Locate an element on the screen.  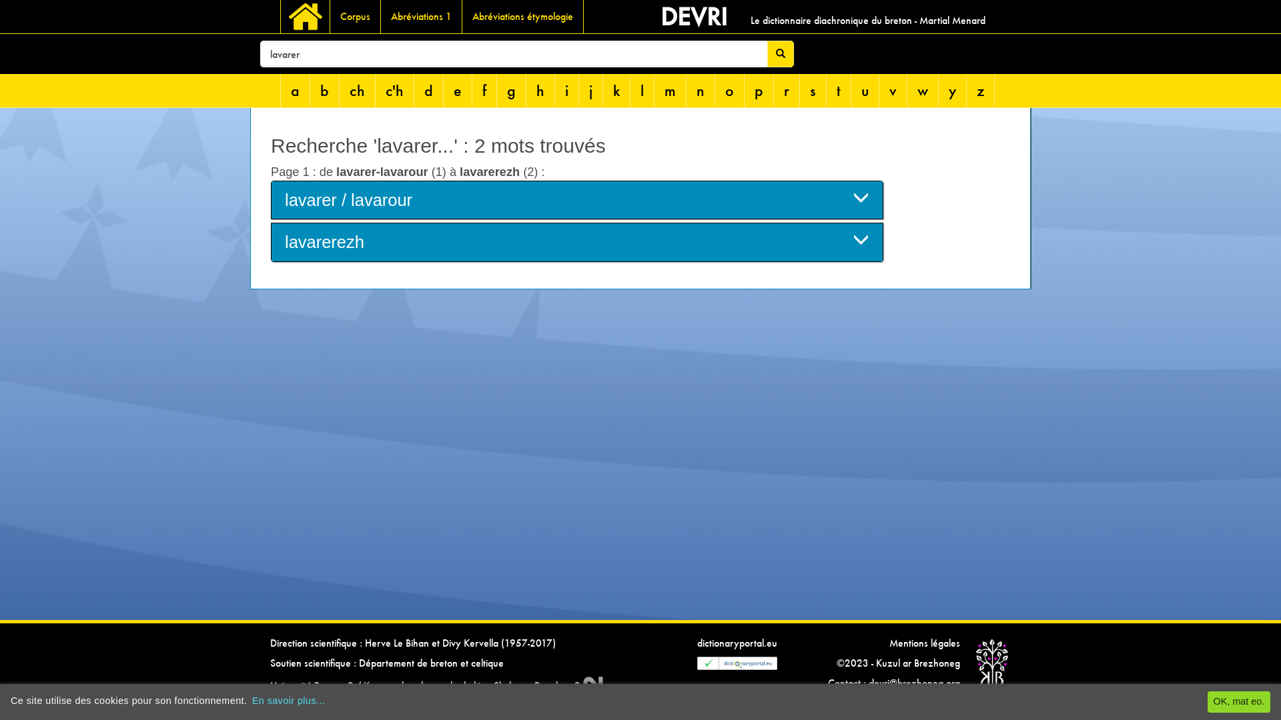
't' is located at coordinates (838, 90).